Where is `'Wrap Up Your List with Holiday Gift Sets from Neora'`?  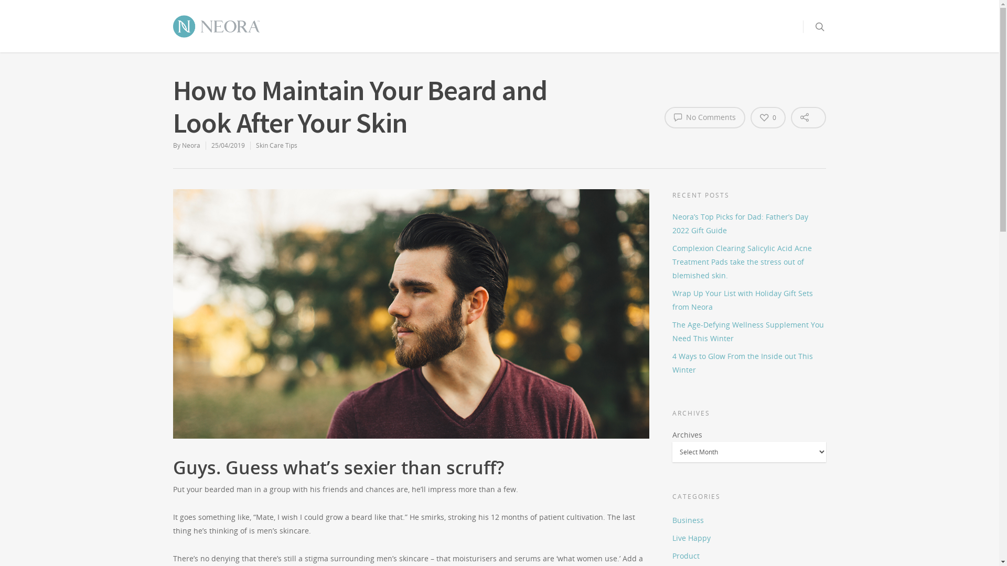 'Wrap Up Your List with Holiday Gift Sets from Neora' is located at coordinates (672, 300).